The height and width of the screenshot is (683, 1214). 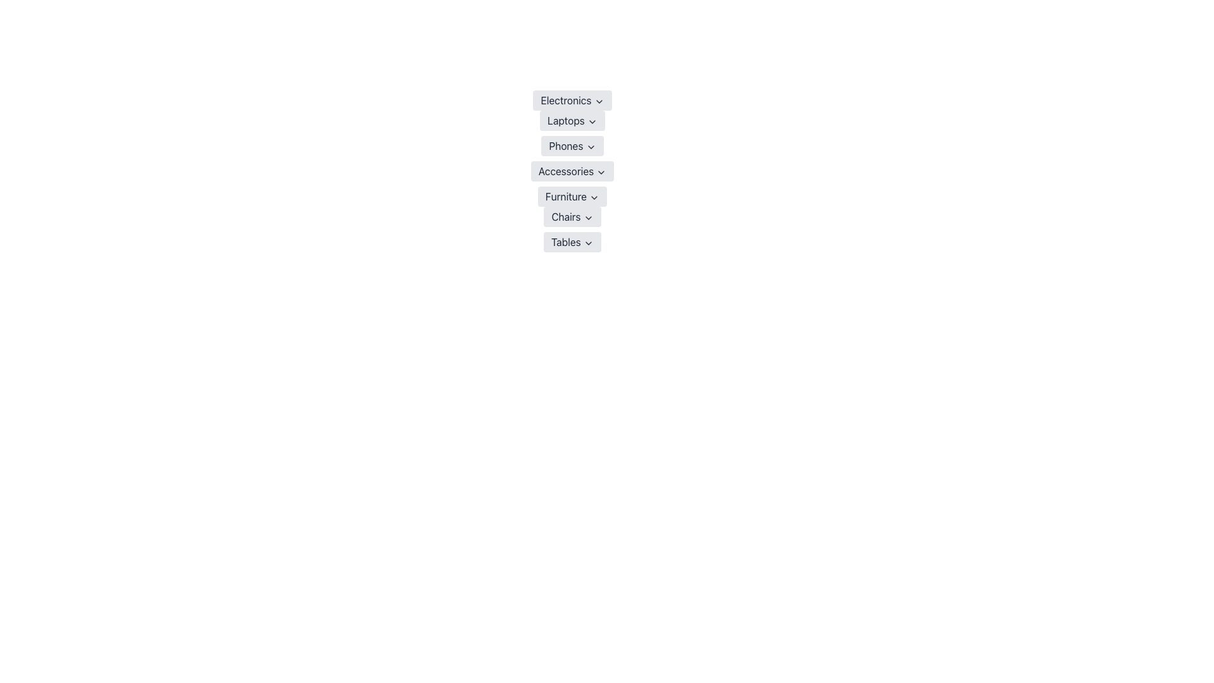 I want to click on the Dropdown trigger button located below the 'Chairs' button, so click(x=572, y=242).